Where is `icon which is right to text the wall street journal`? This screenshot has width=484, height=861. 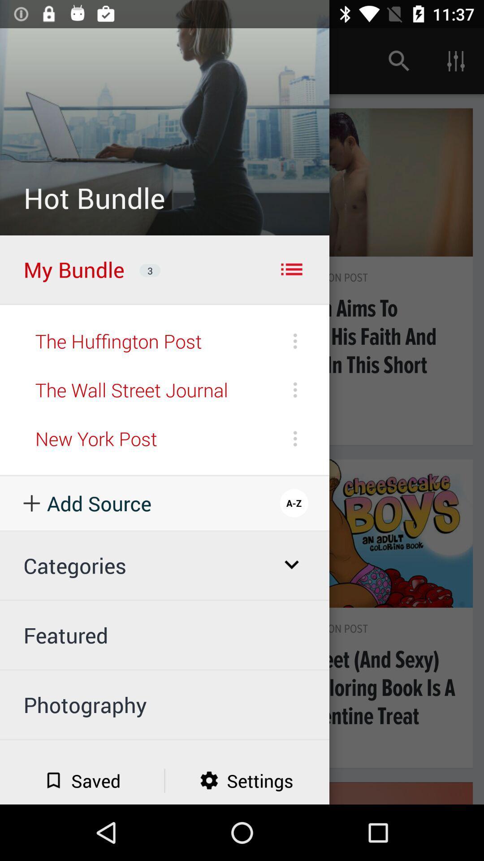
icon which is right to text the wall street journal is located at coordinates (295, 390).